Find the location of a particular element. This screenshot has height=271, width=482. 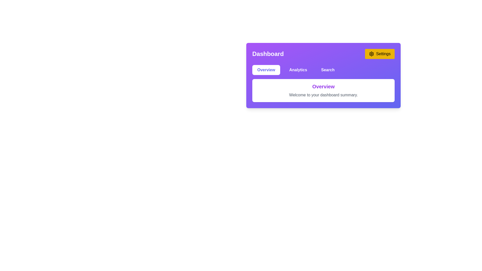

the 'Settings' text label within the button located in the top-right corner of the purple header bar is located at coordinates (383, 54).